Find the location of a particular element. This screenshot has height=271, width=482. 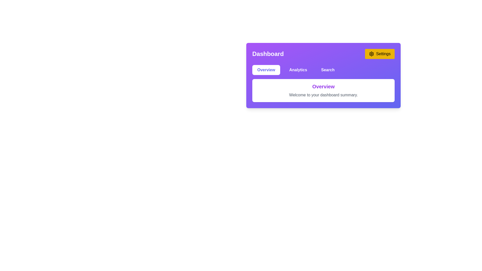

the 'Settings' text label within the button located in the top-right corner of the purple header bar is located at coordinates (383, 54).